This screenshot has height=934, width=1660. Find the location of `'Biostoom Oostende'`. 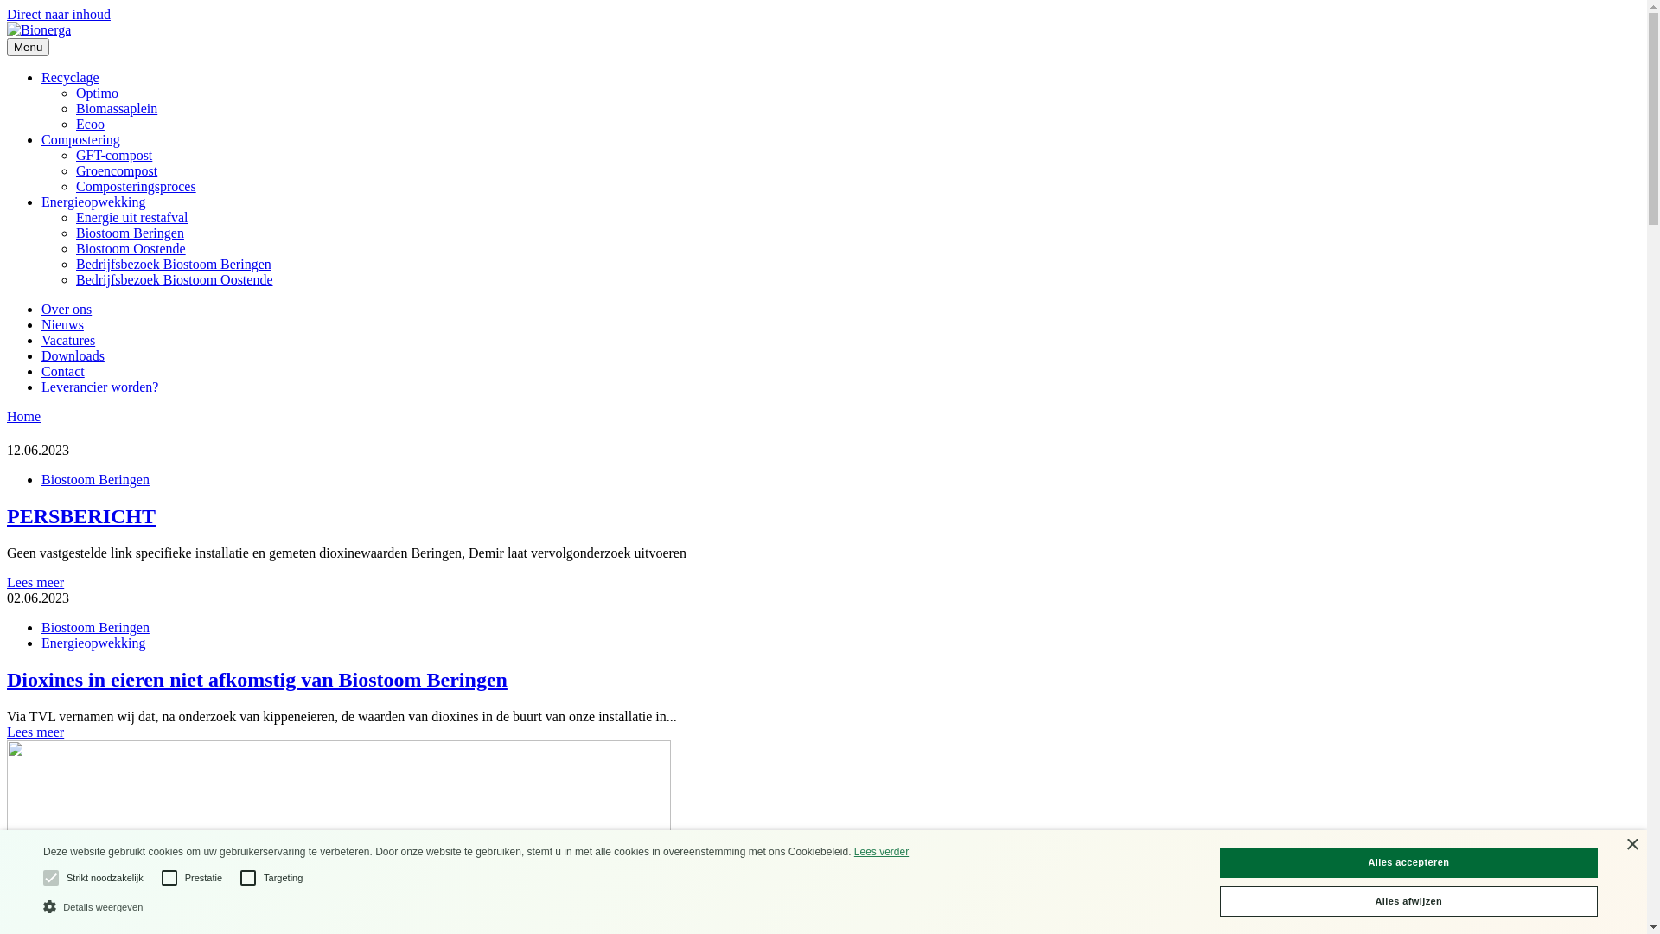

'Biostoom Oostende' is located at coordinates (130, 248).